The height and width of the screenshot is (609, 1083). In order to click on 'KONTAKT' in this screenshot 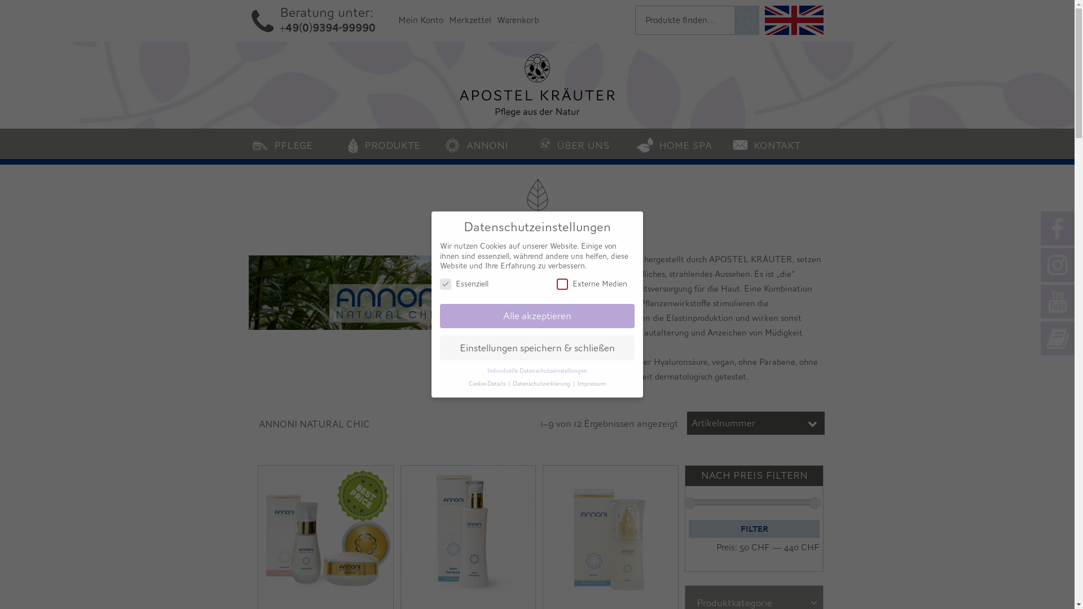, I will do `click(777, 143)`.